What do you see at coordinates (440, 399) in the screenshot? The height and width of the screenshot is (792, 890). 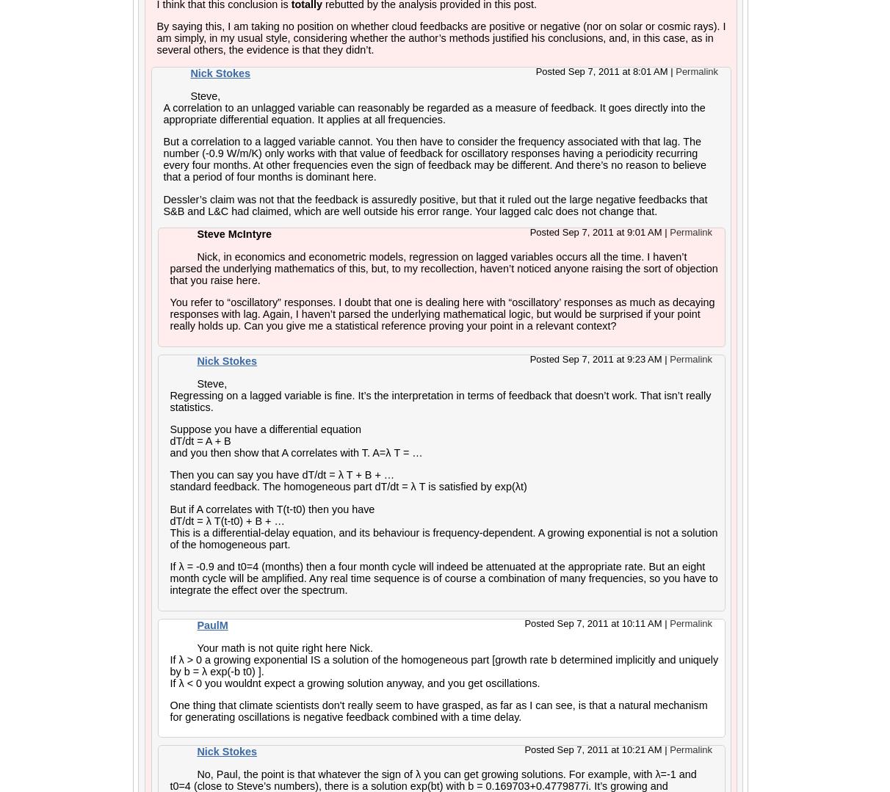 I see `'Regressing on a lagged variable is fine. It’s the interpretation in terms of feedback that doesn’t work. That isn’t really statistics.'` at bounding box center [440, 399].